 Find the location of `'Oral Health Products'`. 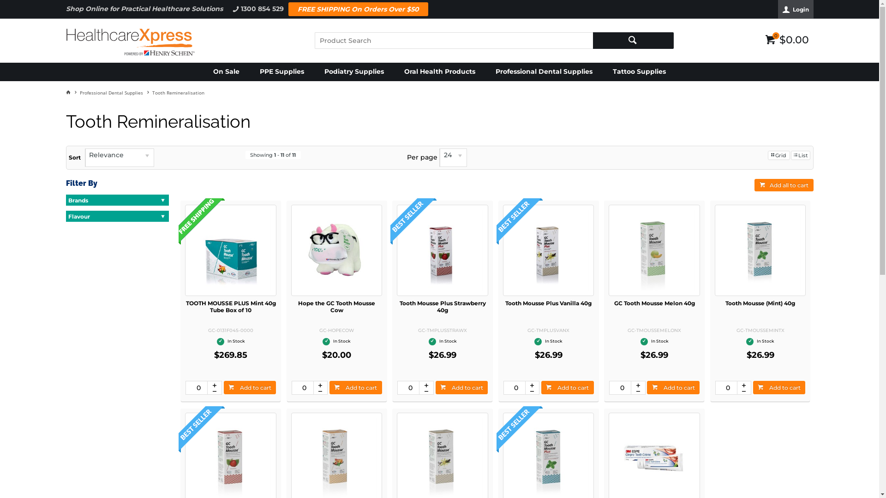

'Oral Health Products' is located at coordinates (439, 71).